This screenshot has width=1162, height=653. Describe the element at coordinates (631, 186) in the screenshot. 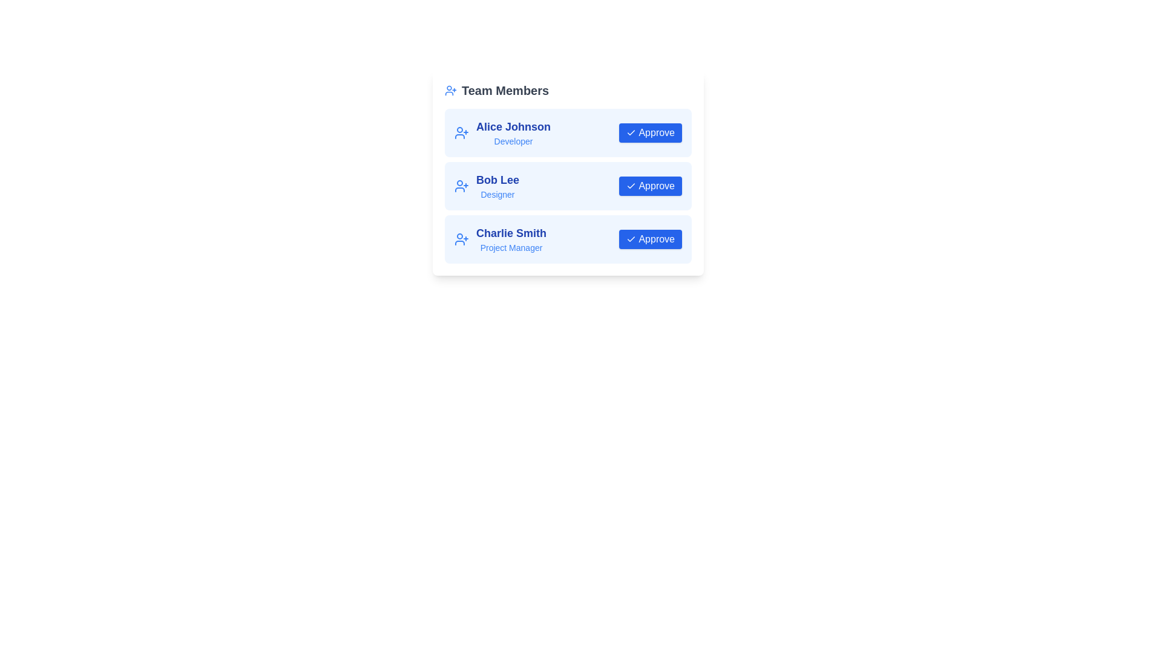

I see `the checkmark icon within the 'Approve' button associated with Bob Lee's profile` at that location.